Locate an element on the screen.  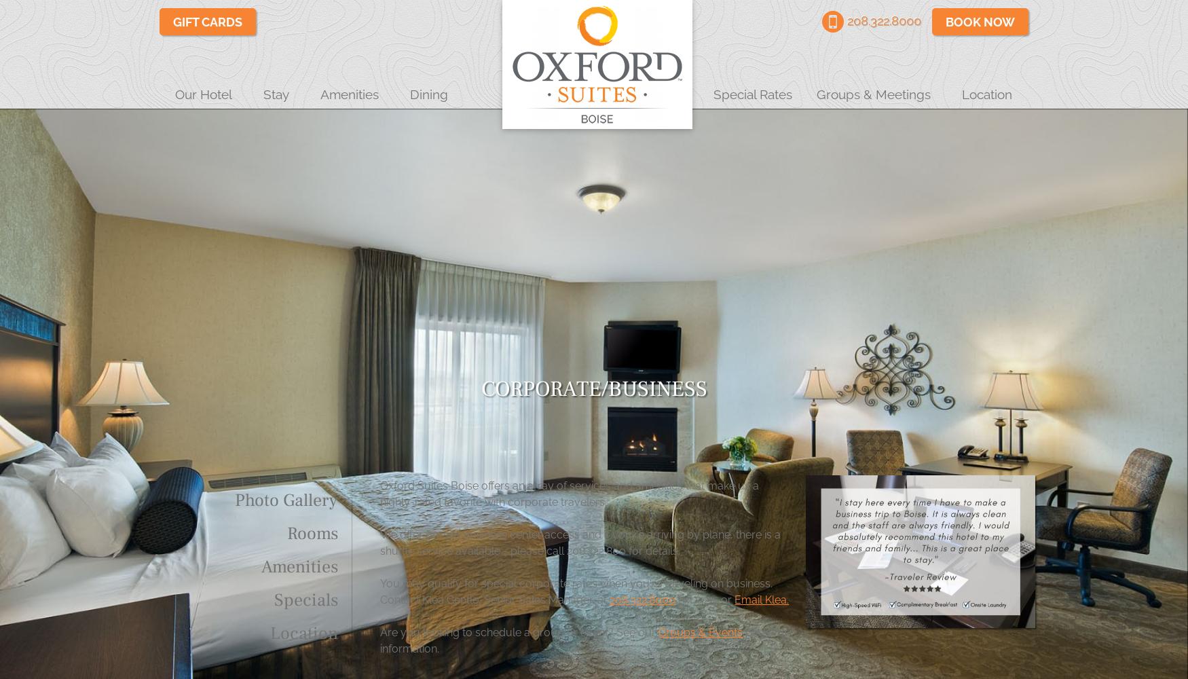
'Book Now' is located at coordinates (980, 22).